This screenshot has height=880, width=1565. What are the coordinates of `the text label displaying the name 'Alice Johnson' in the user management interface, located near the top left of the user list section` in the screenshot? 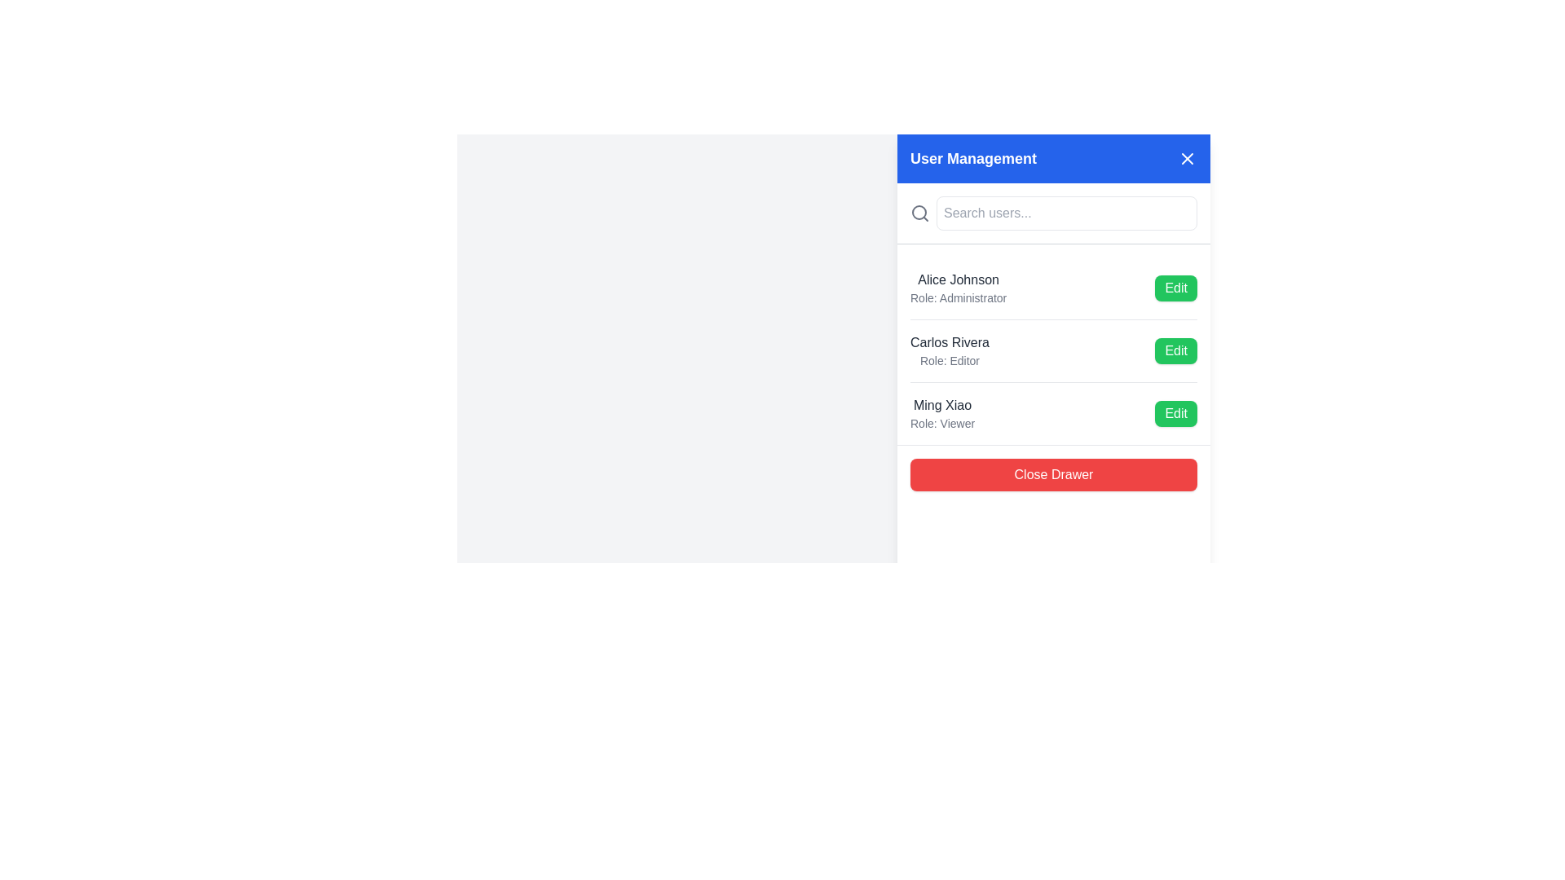 It's located at (959, 279).